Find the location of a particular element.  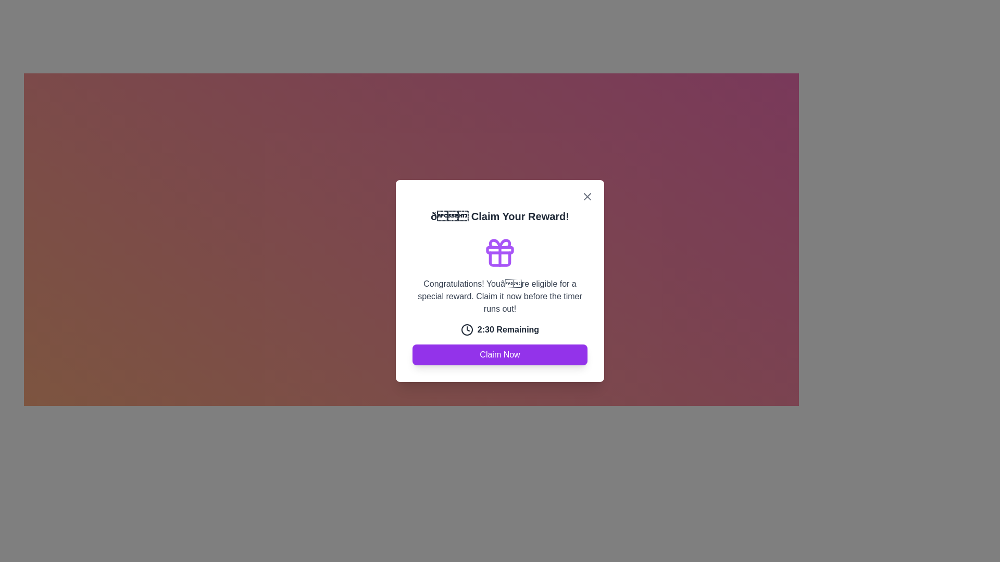

the SVG circle graphic that serves as the outermost component of the clock icon, positioned near the countdown timer in the modal dialog is located at coordinates (466, 329).